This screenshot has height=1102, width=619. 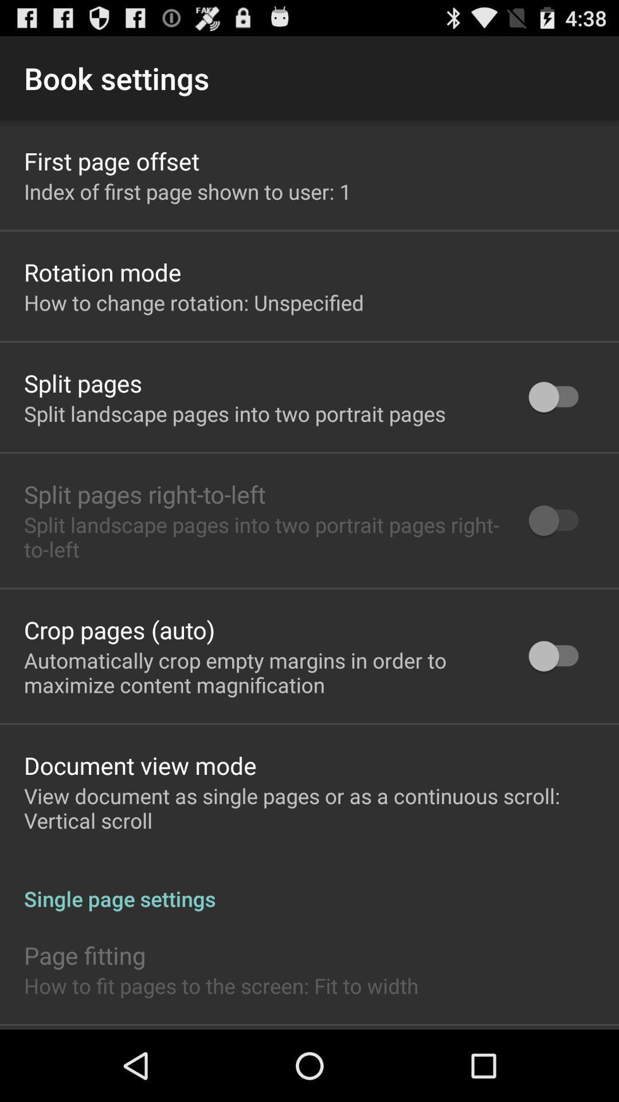 I want to click on icon below the split landscape pages app, so click(x=119, y=629).